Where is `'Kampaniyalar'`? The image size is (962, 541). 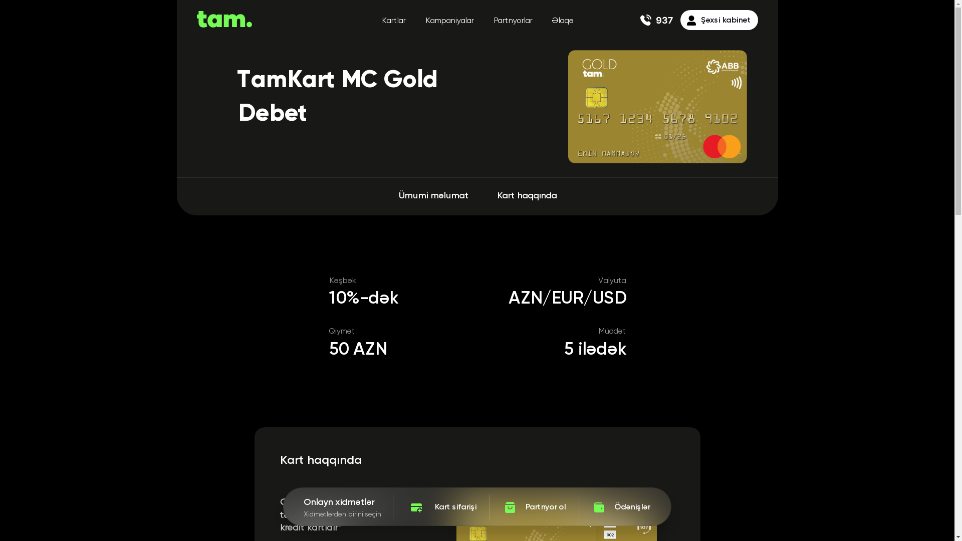
'Kampaniyalar' is located at coordinates (425, 21).